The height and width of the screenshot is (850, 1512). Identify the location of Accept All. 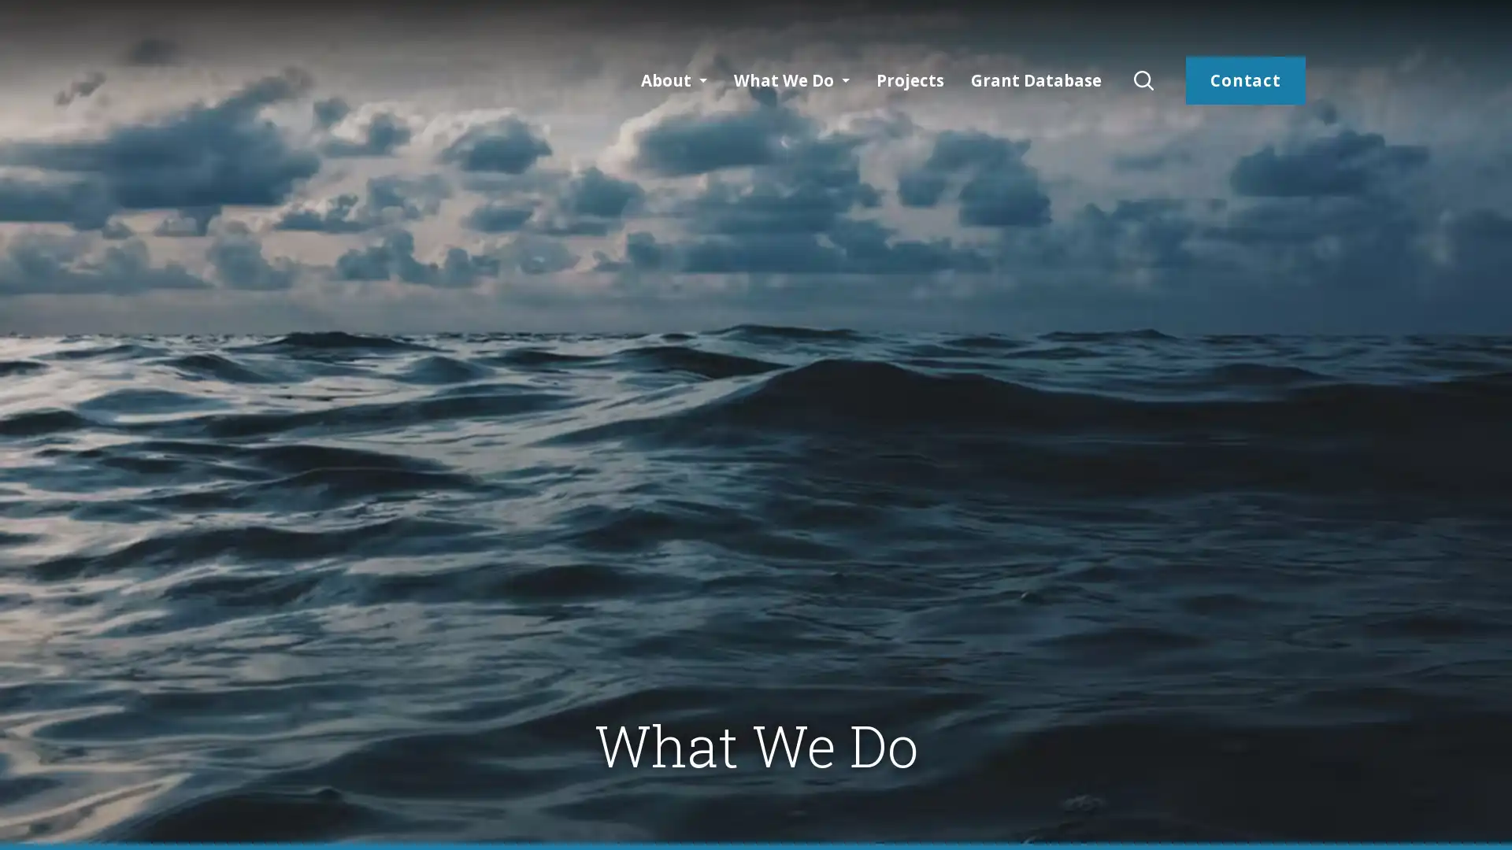
(1444, 818).